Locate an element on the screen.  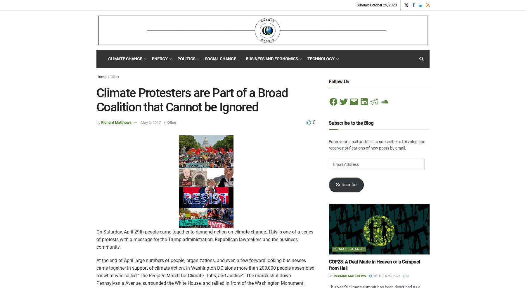
'October 23, 2023' is located at coordinates (386, 276).